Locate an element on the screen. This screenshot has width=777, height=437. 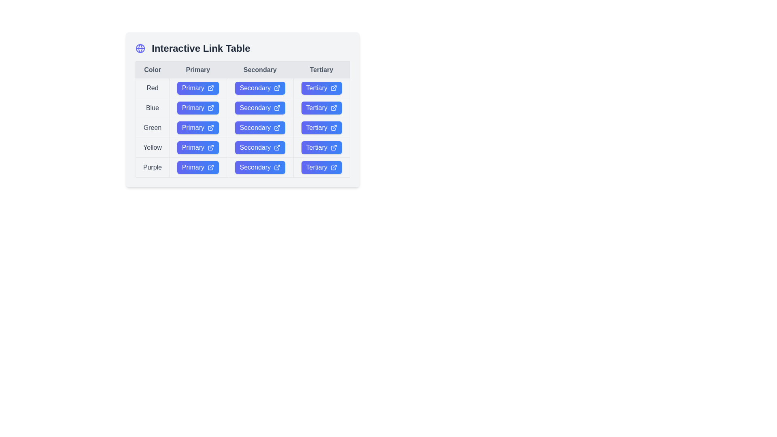
the interactive button labeled 'Tertiary' which is the third item in the row labeled 'Yellow' in the table is located at coordinates (316, 148).